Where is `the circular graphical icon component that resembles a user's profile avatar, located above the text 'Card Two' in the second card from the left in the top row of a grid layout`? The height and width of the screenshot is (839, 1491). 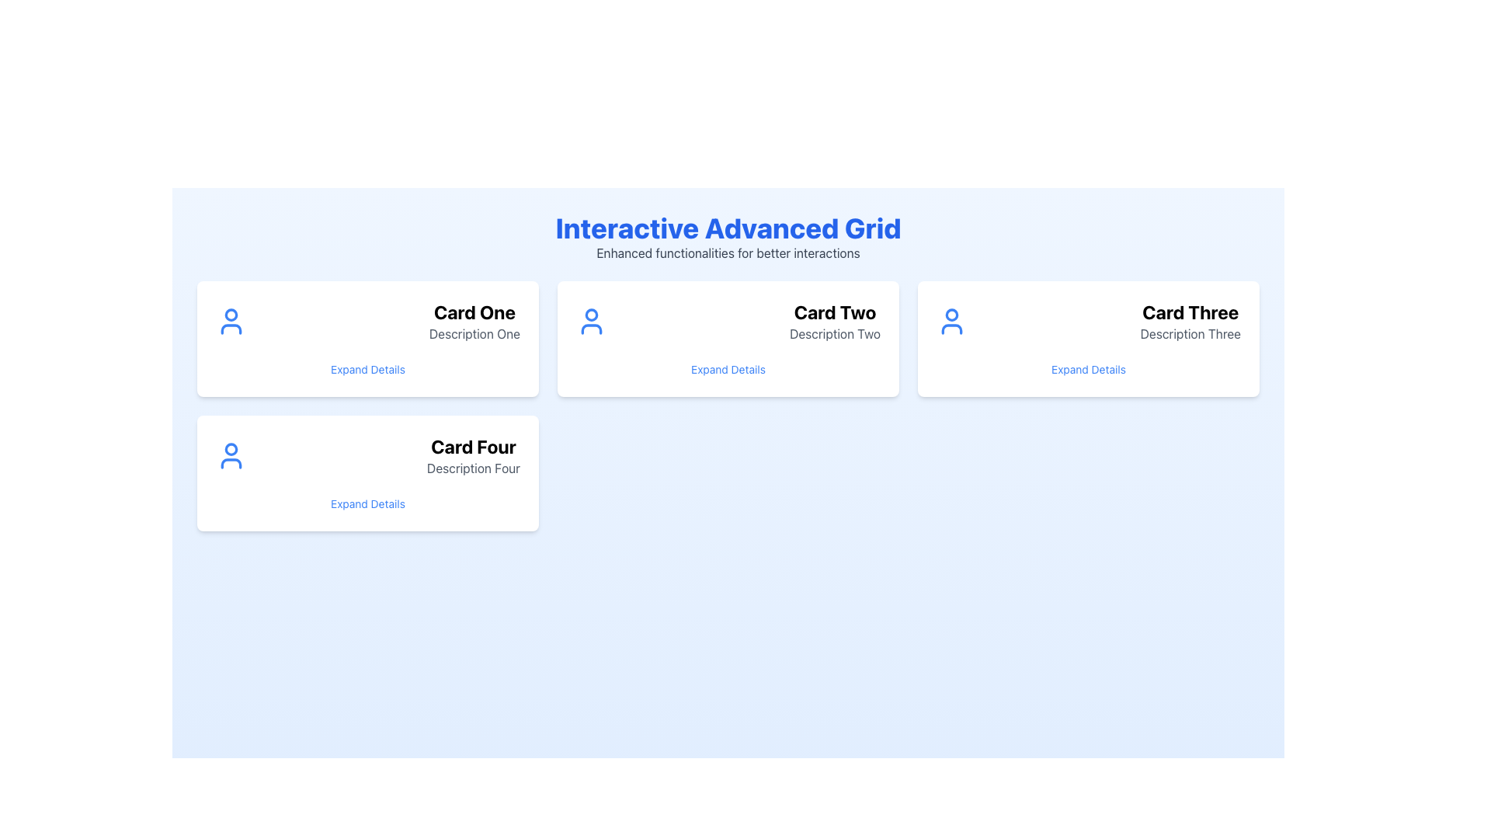
the circular graphical icon component that resembles a user's profile avatar, located above the text 'Card Two' in the second card from the left in the top row of a grid layout is located at coordinates (591, 315).